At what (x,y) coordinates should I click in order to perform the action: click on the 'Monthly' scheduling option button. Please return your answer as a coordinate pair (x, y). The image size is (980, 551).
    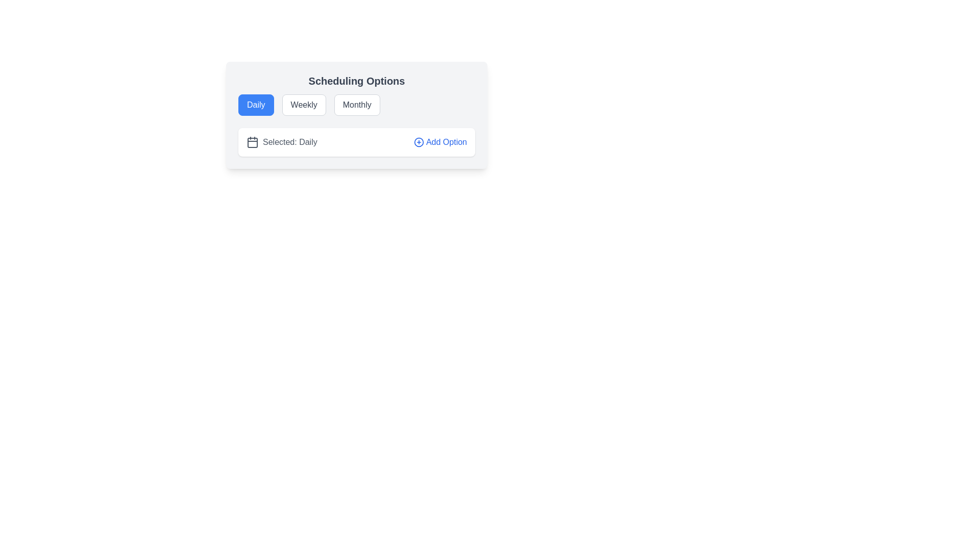
    Looking at the image, I should click on (357, 105).